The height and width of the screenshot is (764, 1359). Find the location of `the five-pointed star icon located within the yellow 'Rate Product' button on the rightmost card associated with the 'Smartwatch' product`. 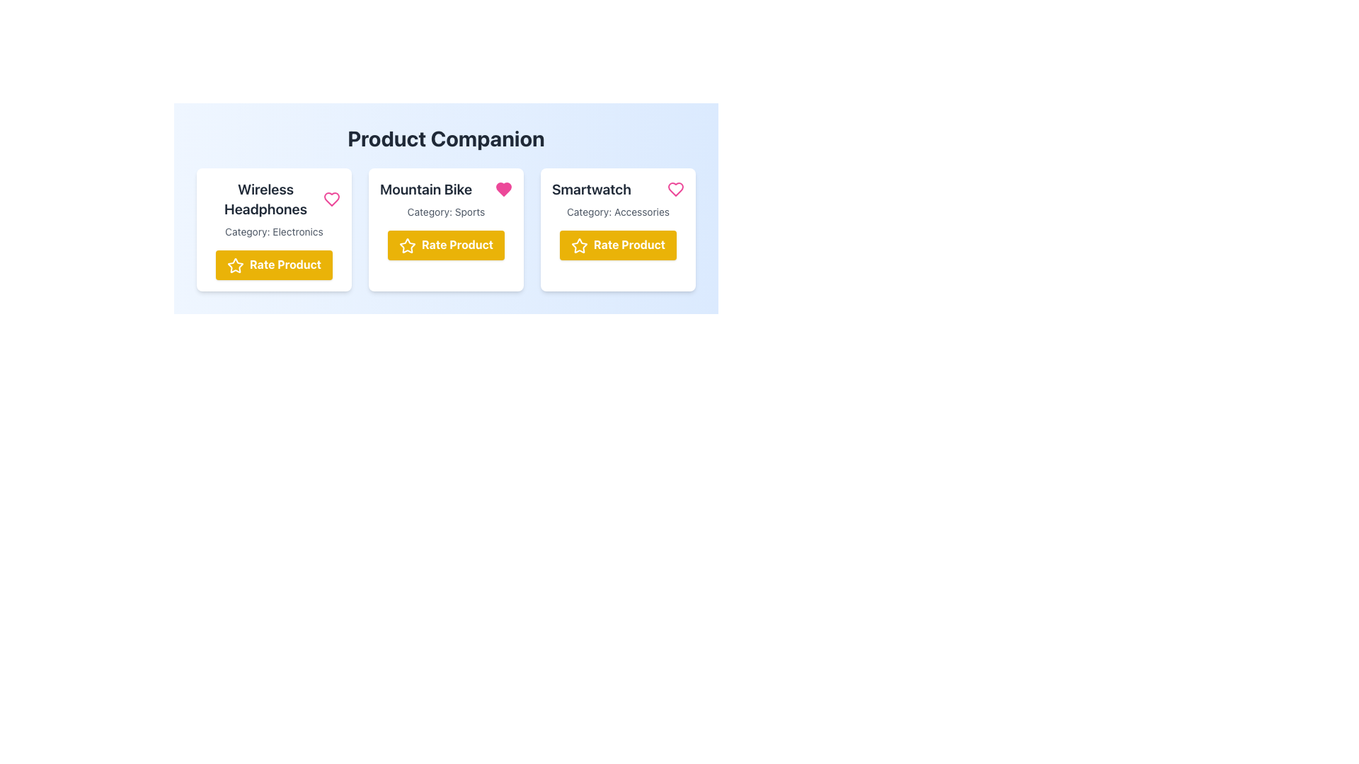

the five-pointed star icon located within the yellow 'Rate Product' button on the rightmost card associated with the 'Smartwatch' product is located at coordinates (579, 245).